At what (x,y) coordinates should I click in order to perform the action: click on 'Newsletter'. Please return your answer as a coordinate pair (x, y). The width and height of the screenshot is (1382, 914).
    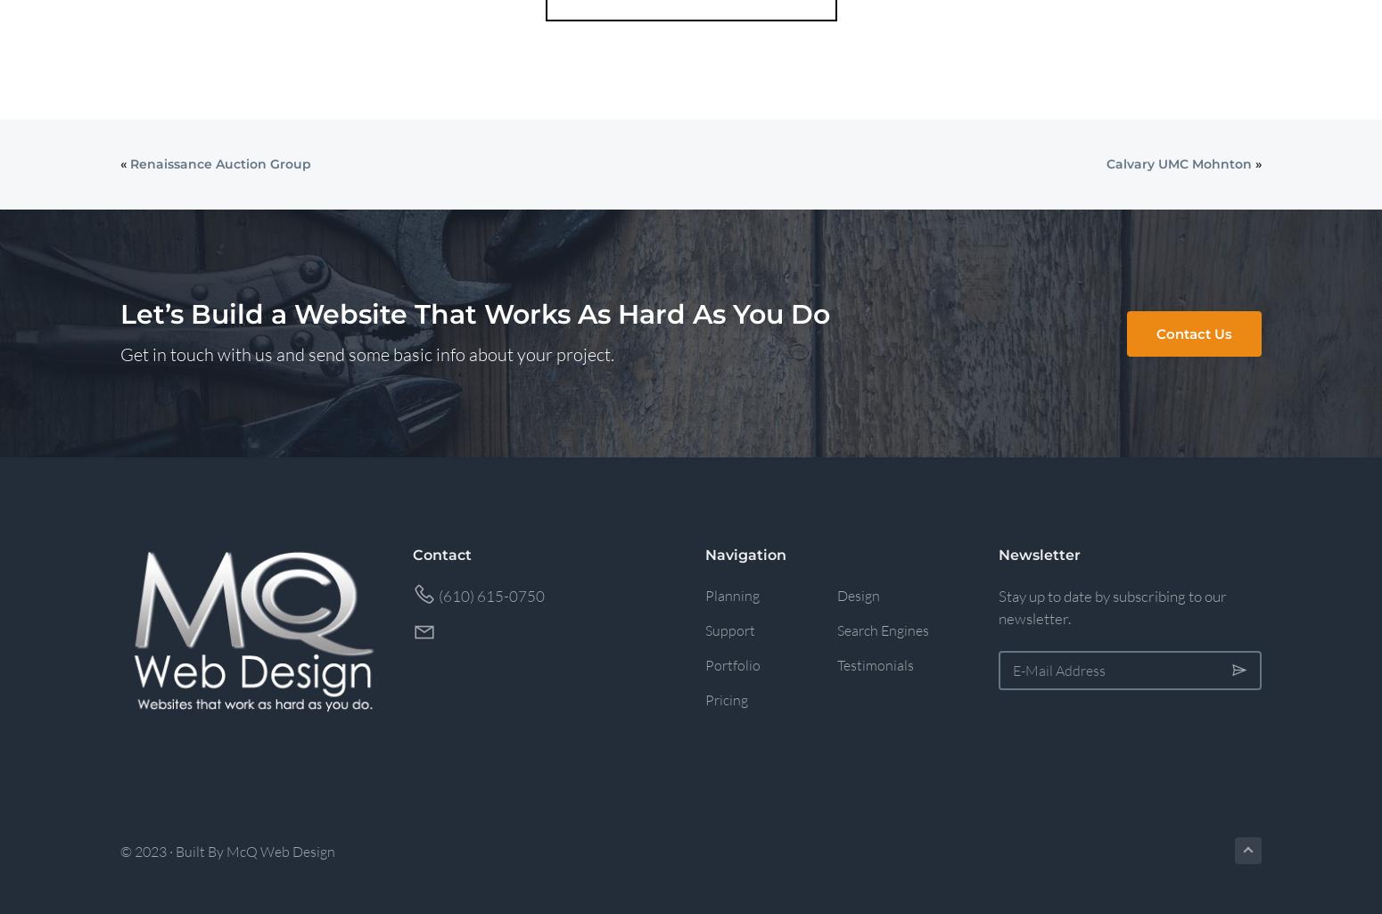
    Looking at the image, I should click on (996, 553).